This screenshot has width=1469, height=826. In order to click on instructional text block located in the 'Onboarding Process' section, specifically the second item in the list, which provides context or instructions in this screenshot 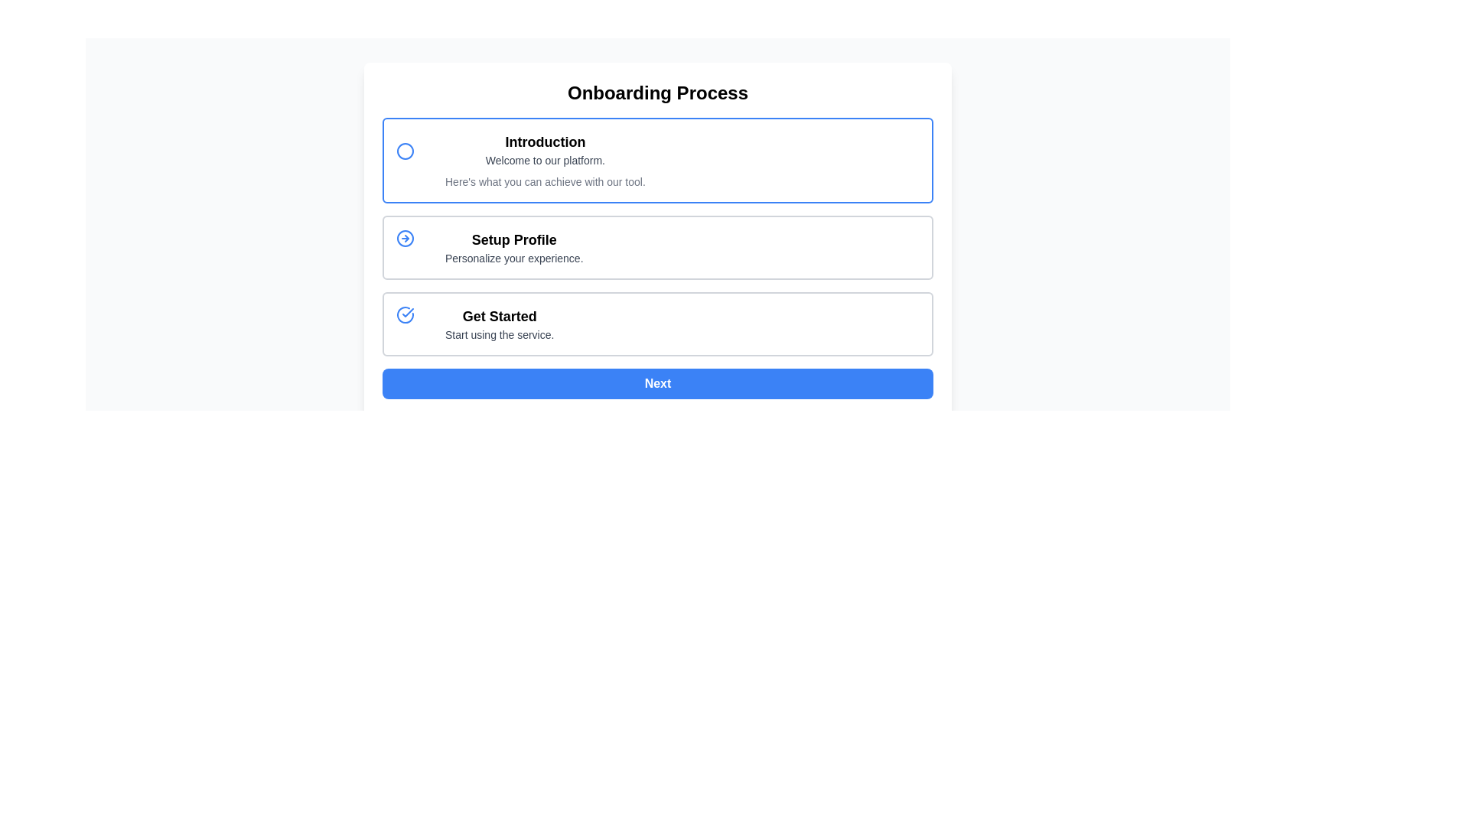, I will do `click(514, 247)`.